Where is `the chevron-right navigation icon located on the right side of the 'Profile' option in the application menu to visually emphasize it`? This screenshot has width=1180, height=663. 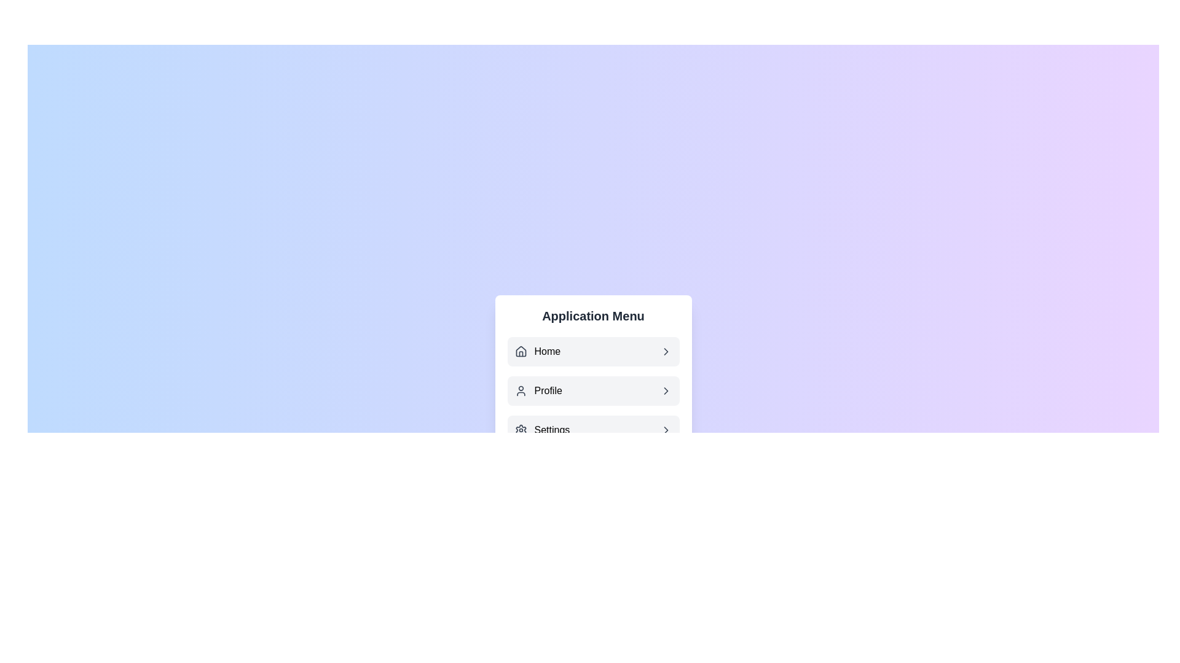
the chevron-right navigation icon located on the right side of the 'Profile' option in the application menu to visually emphasize it is located at coordinates (665, 390).